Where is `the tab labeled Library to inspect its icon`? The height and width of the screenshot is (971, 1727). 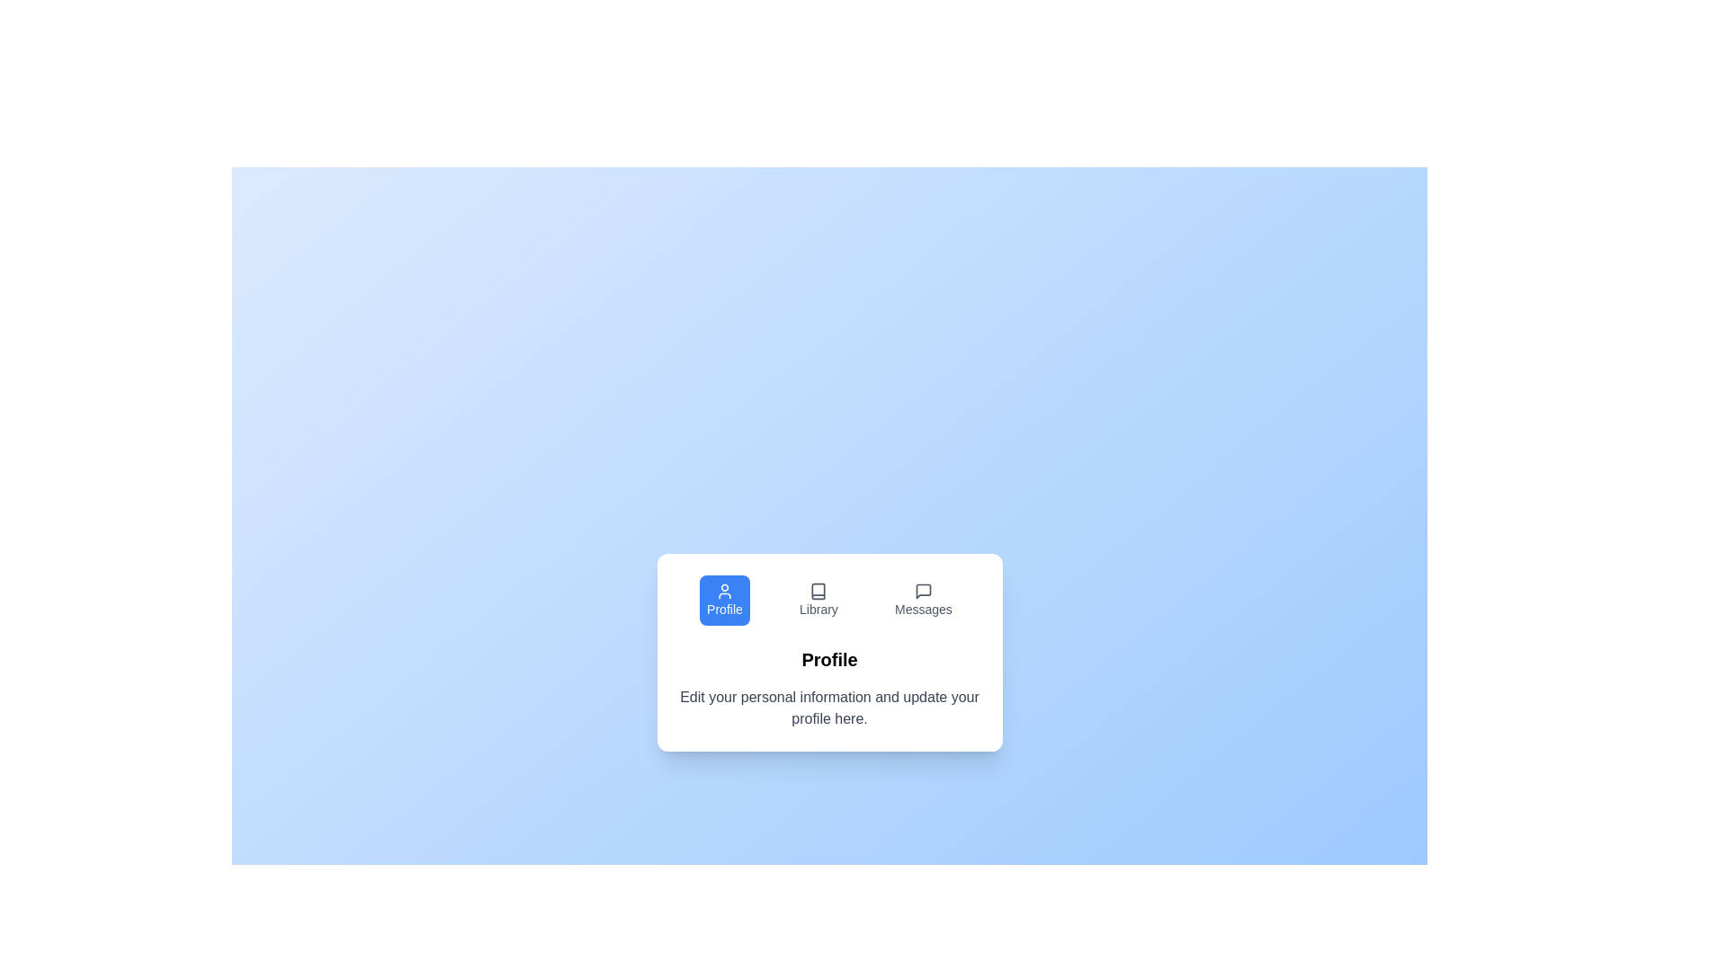 the tab labeled Library to inspect its icon is located at coordinates (818, 600).